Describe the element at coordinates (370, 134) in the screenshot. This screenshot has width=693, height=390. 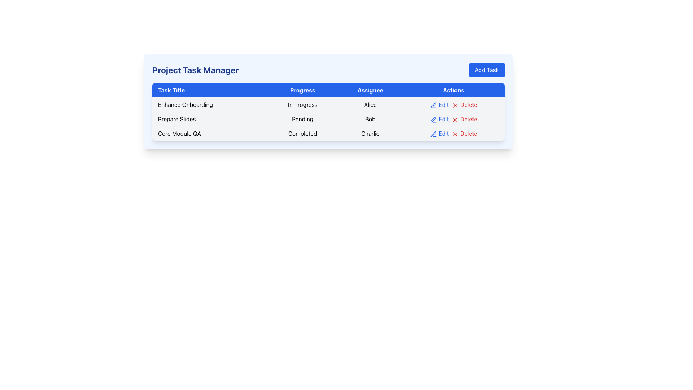
I see `the text label reading 'Charlie' in the third row of the table under the 'Assignee' column to possibly view additional details` at that location.